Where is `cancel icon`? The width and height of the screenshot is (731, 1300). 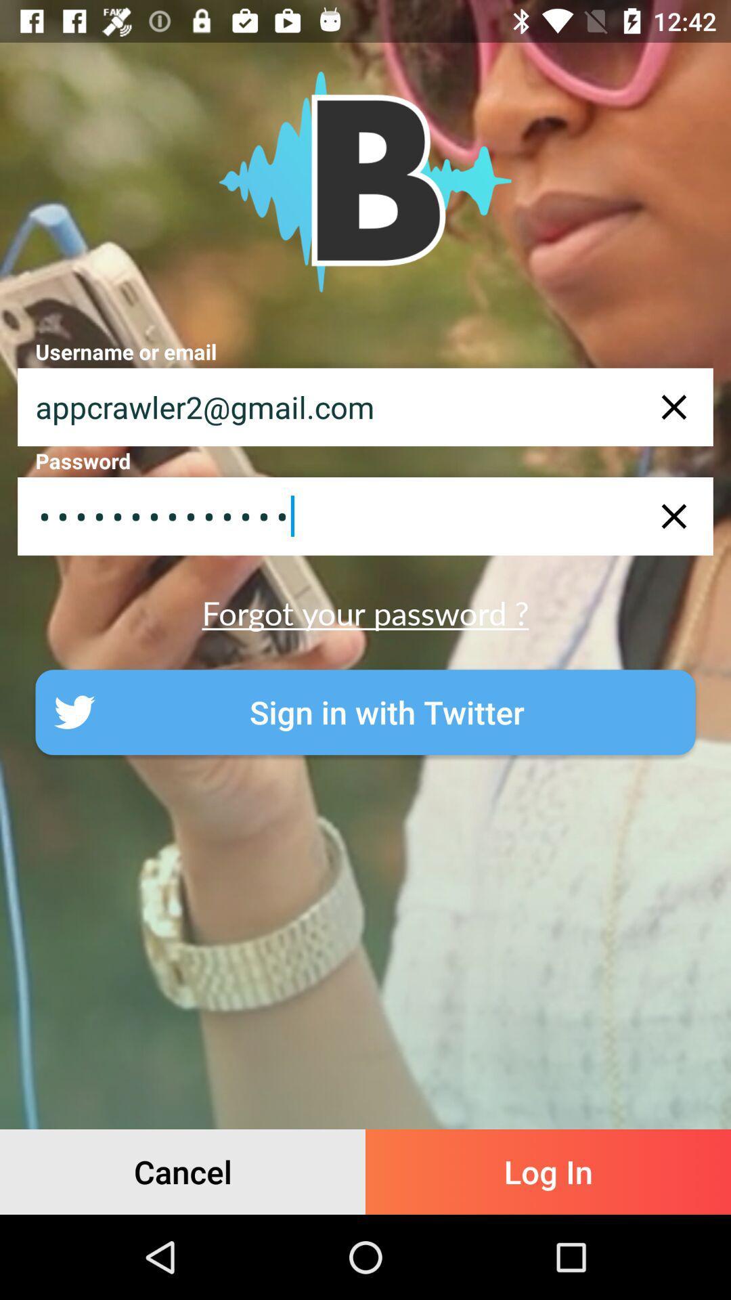 cancel icon is located at coordinates (183, 1171).